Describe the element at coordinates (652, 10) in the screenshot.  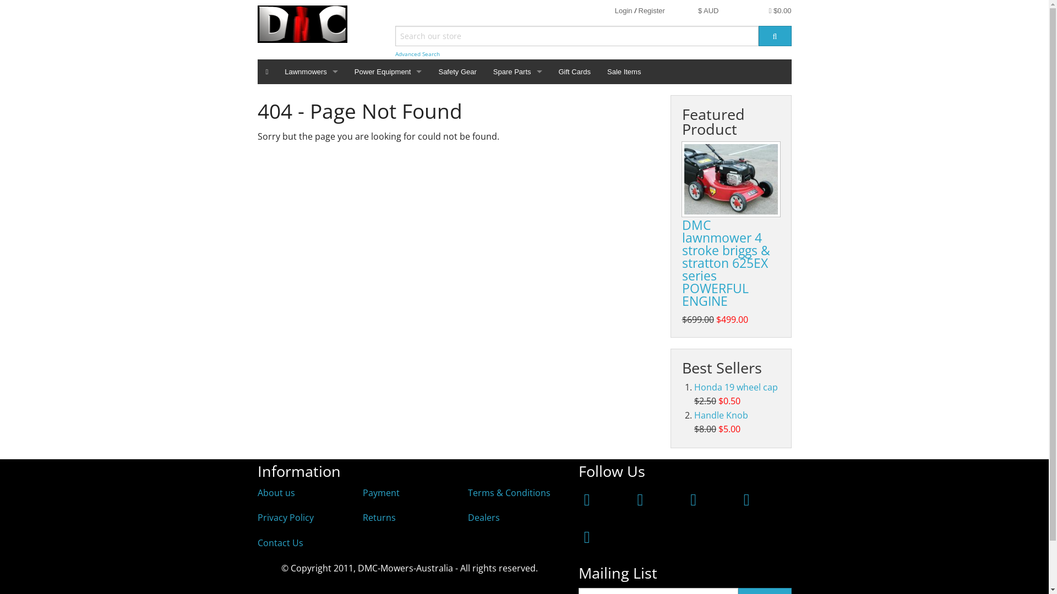
I see `'Register'` at that location.